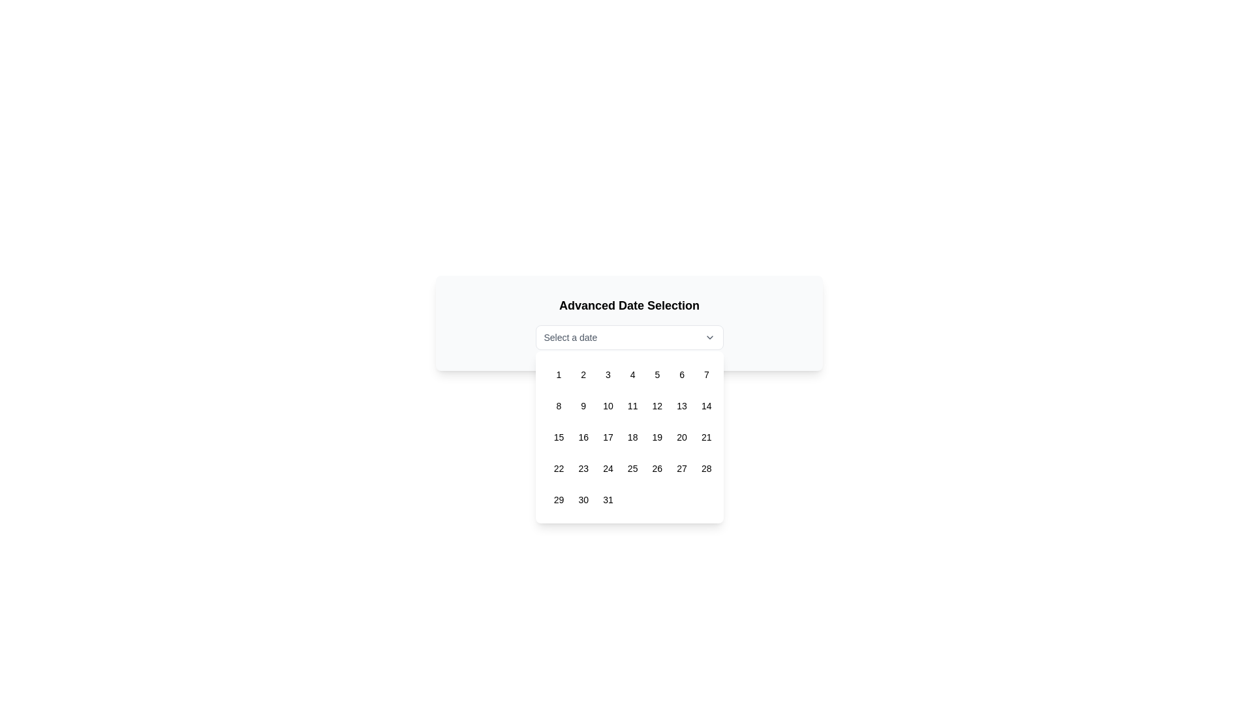 The width and height of the screenshot is (1253, 704). I want to click on the button located in the first row, seventh column of the calendar grid, so click(705, 374).